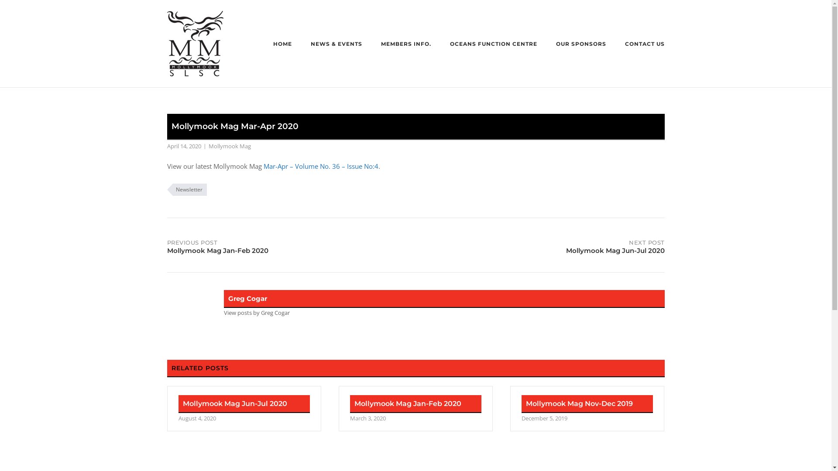 The height and width of the screenshot is (471, 838). Describe the element at coordinates (539, 245) in the screenshot. I see `'NEXT POST` at that location.